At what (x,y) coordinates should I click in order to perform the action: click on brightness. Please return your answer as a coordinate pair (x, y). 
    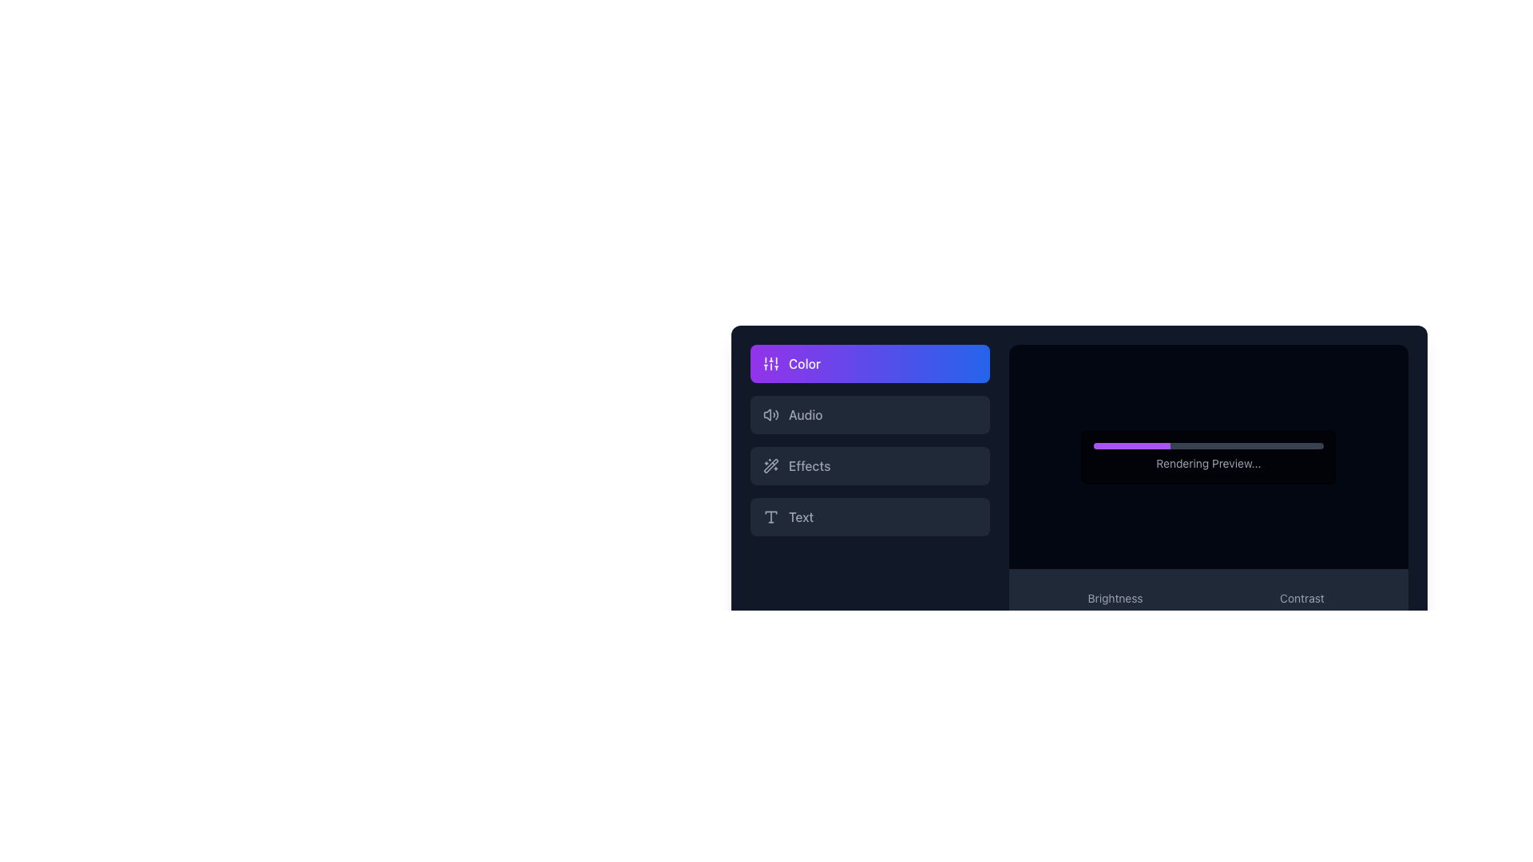
    Looking at the image, I should click on (1079, 619).